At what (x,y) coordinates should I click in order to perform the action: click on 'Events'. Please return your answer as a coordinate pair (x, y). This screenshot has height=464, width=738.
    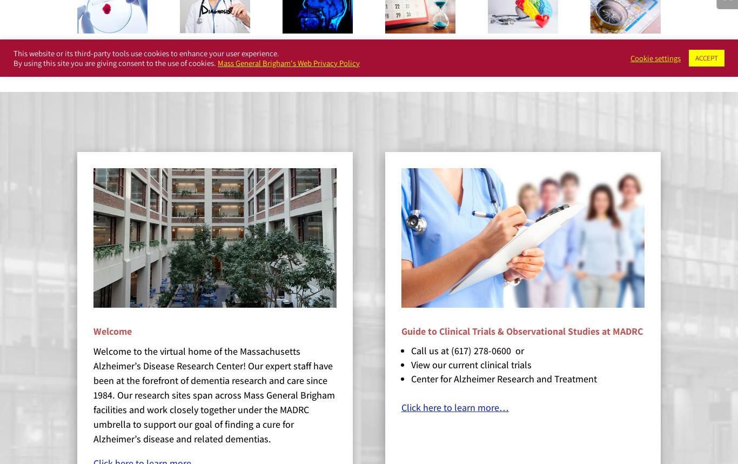
    Looking at the image, I should click on (406, 56).